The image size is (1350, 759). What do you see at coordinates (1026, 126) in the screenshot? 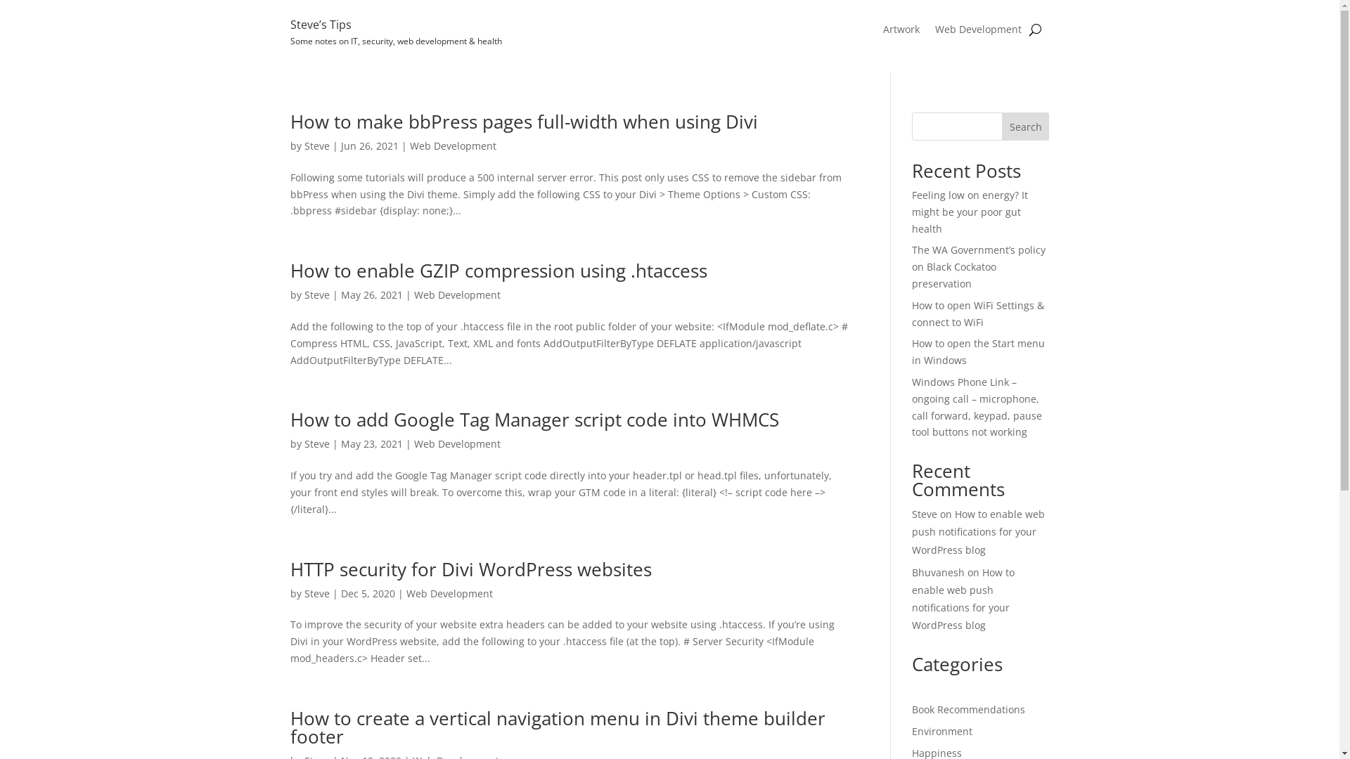
I see `'Search'` at bounding box center [1026, 126].